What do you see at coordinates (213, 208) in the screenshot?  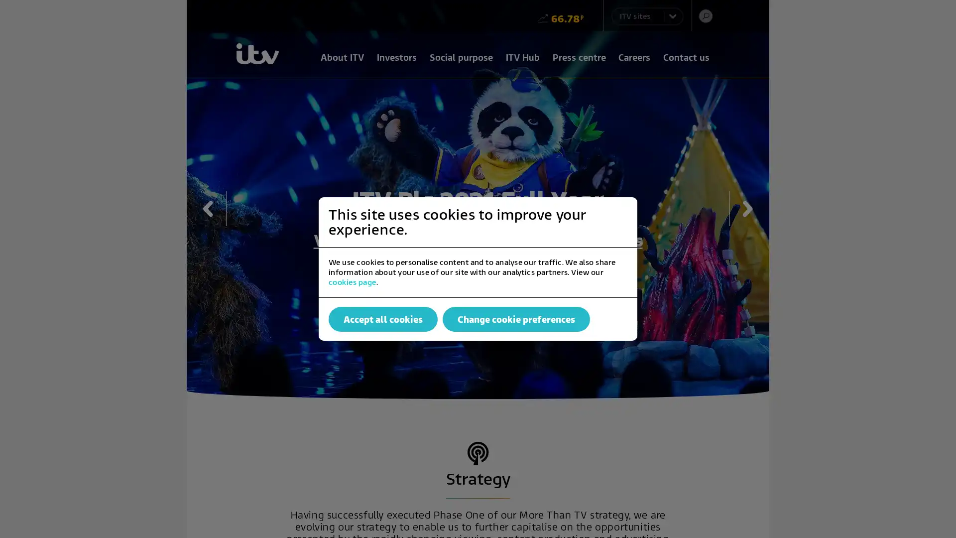 I see `Previous` at bounding box center [213, 208].